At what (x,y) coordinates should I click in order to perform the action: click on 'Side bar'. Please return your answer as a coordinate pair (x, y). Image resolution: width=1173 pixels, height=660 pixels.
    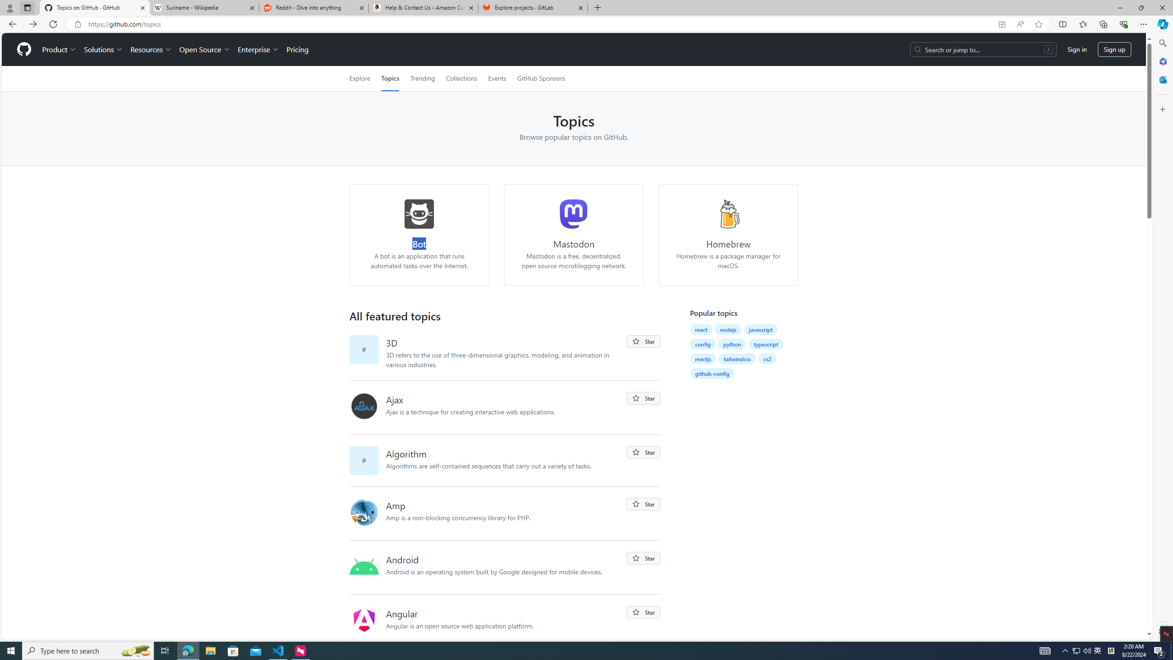
    Looking at the image, I should click on (1162, 337).